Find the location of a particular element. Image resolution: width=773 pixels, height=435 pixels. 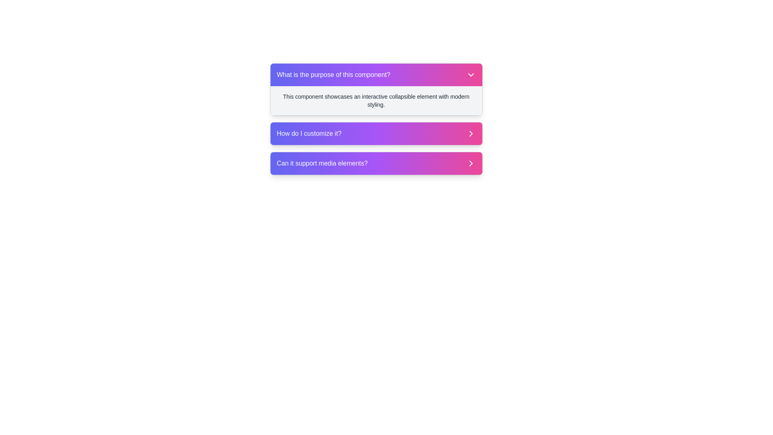

the collapsible toggle button labeled 'Can it support media elements?' is located at coordinates (376, 163).